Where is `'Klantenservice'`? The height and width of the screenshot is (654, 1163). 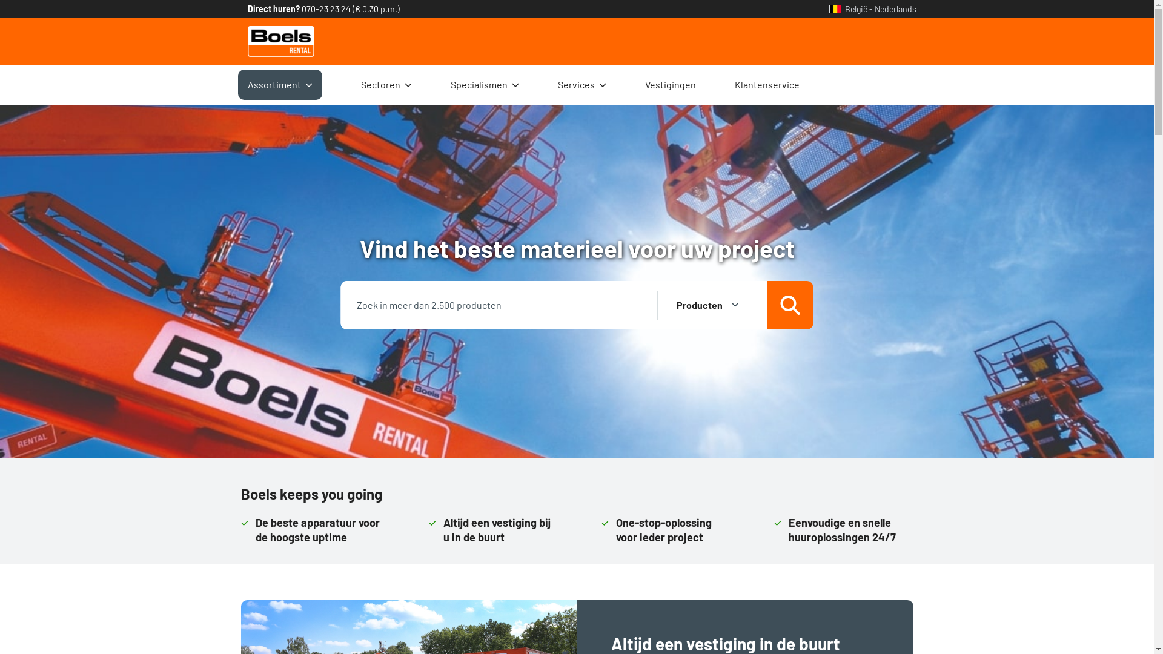 'Klantenservice' is located at coordinates (766, 84).